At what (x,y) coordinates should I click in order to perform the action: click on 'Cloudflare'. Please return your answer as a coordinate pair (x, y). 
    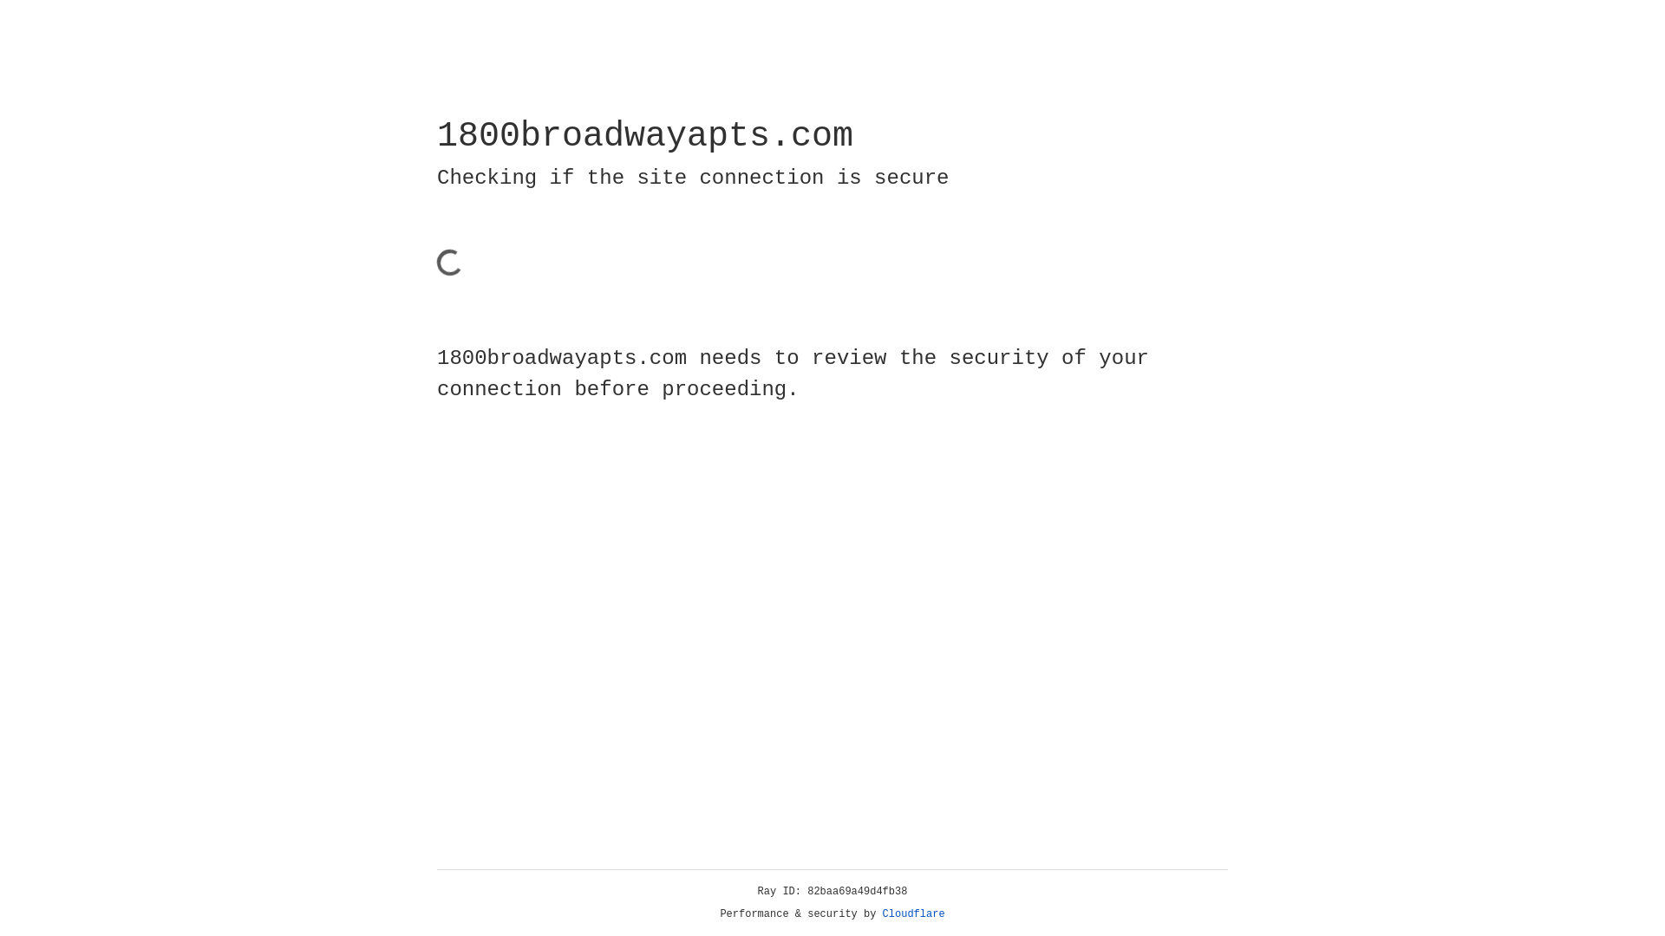
    Looking at the image, I should click on (913, 913).